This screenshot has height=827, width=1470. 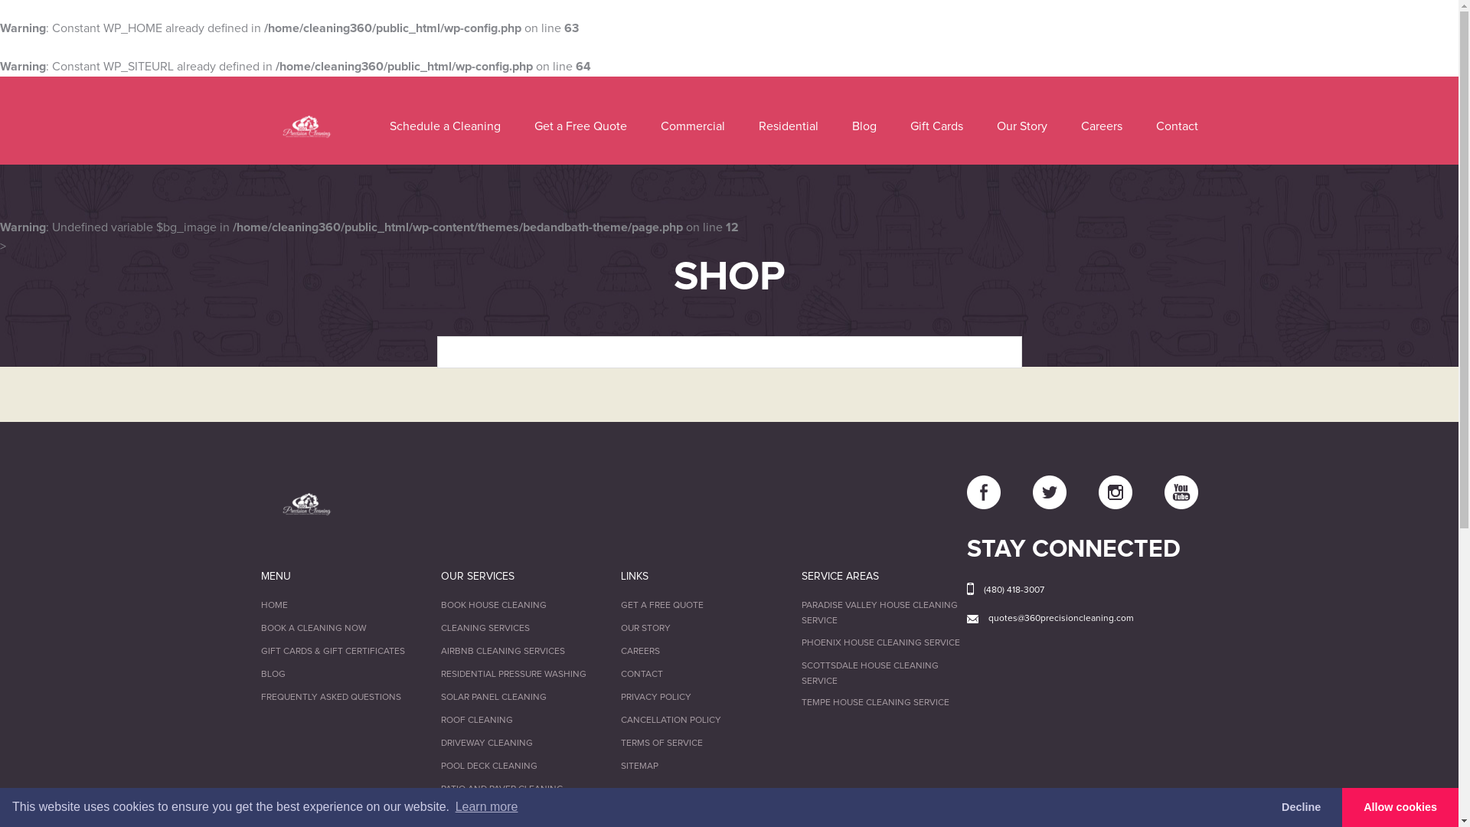 I want to click on 'Residential', so click(x=757, y=126).